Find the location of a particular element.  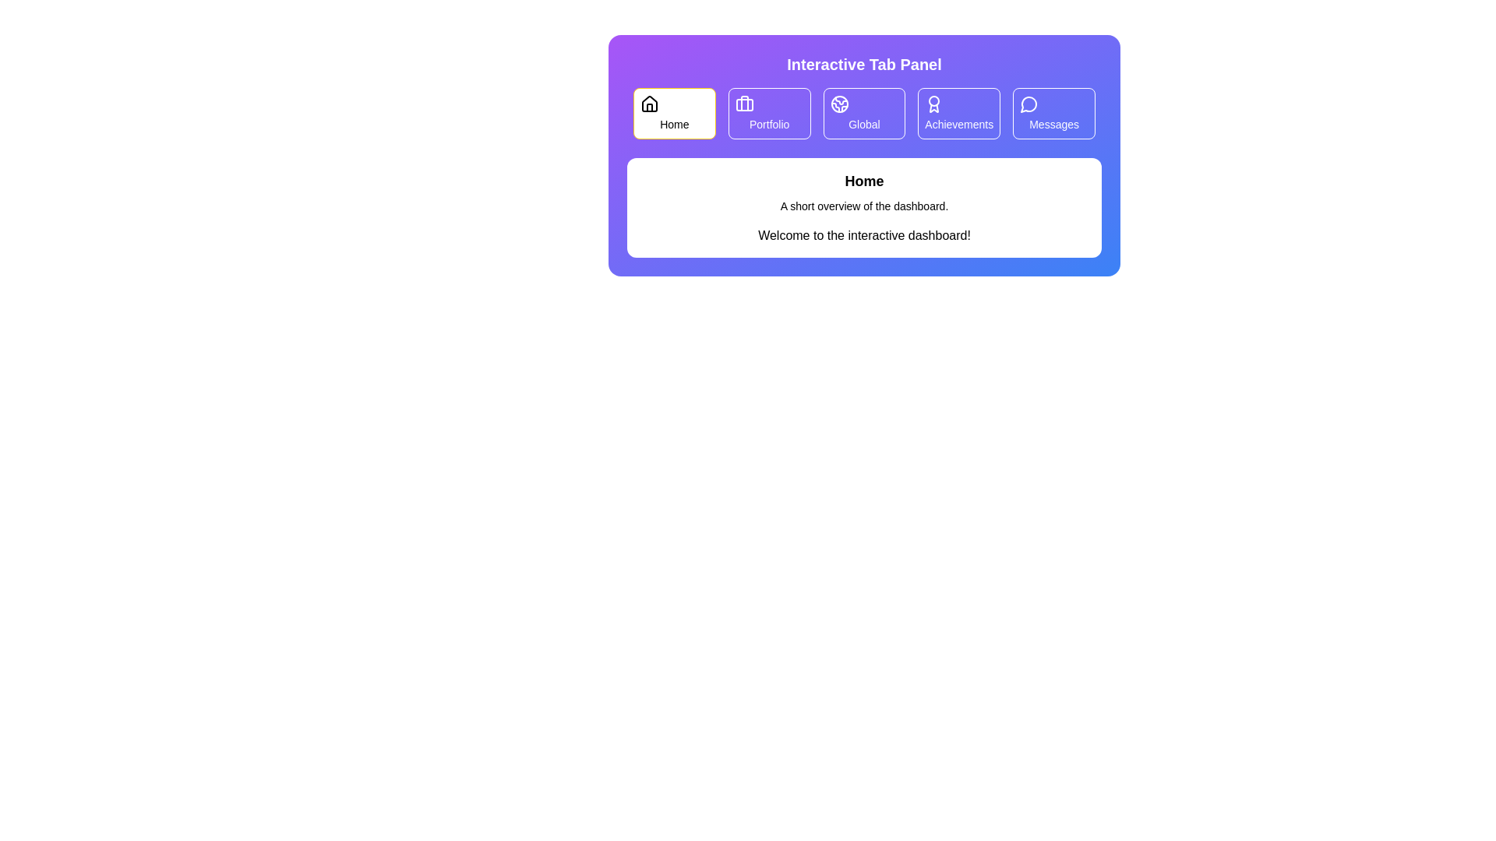

the 'Portfolio' button with a purple background, which features a briefcase icon and white text beneath it is located at coordinates (769, 113).